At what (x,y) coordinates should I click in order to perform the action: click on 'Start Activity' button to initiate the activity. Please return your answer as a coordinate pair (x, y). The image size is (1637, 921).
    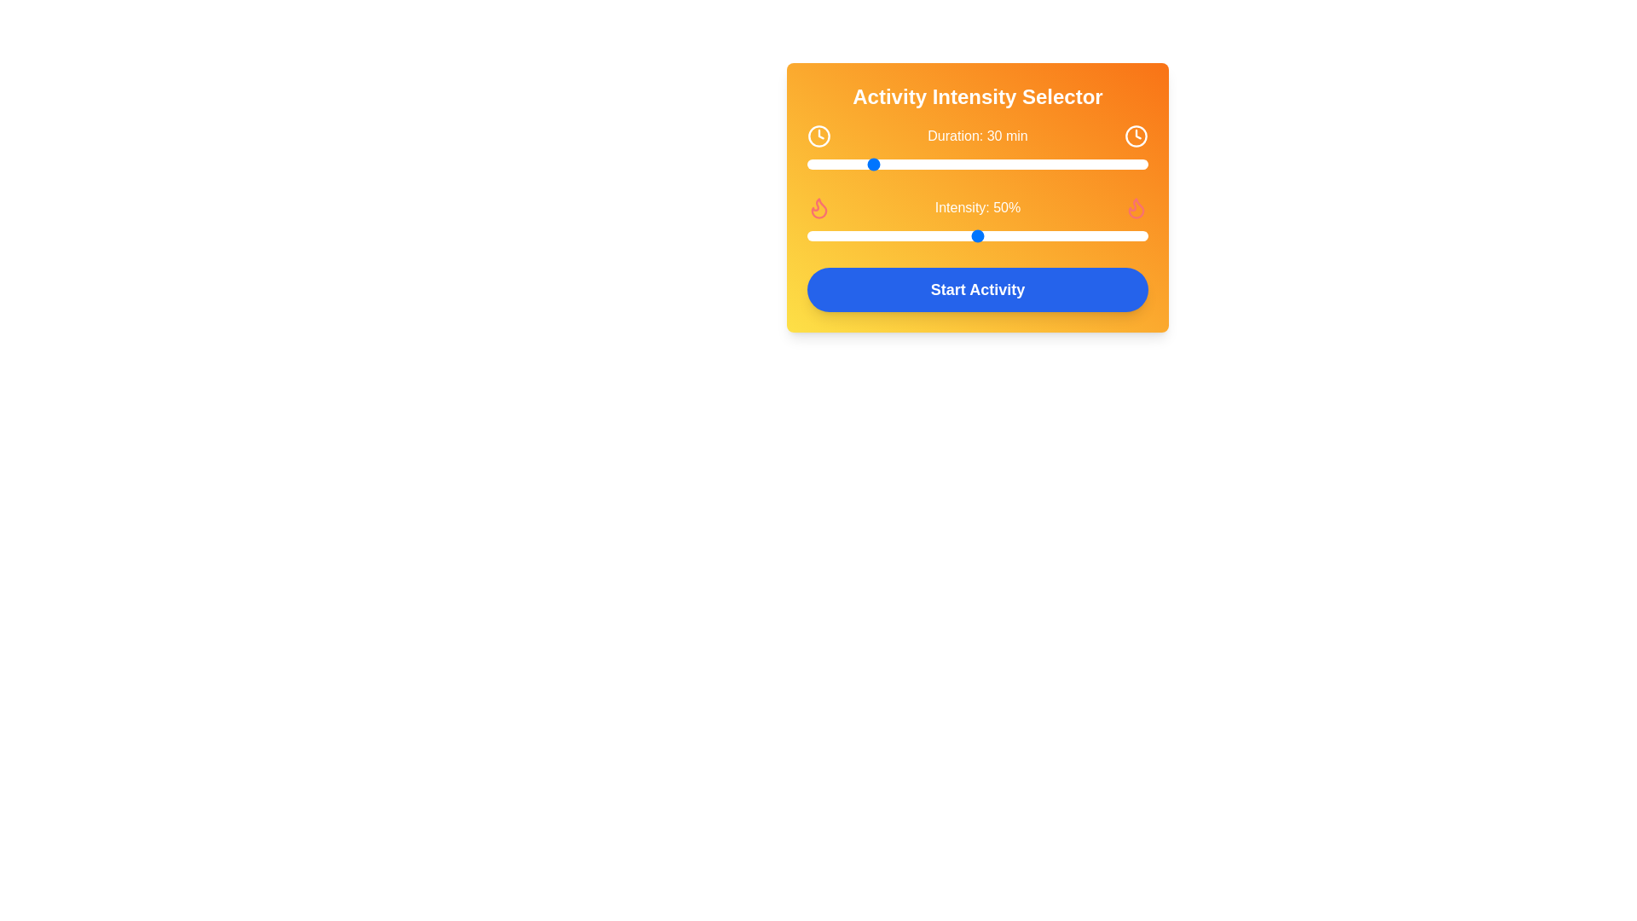
    Looking at the image, I should click on (978, 288).